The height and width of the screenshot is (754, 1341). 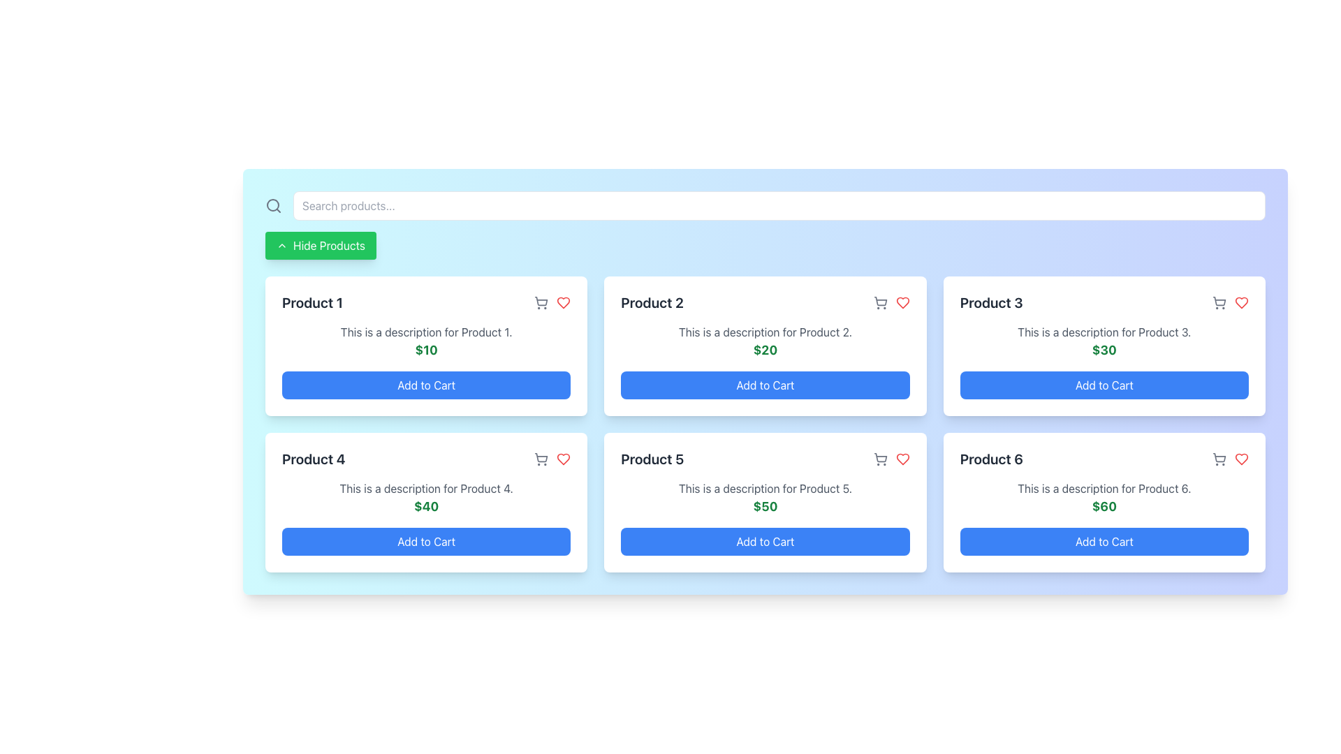 I want to click on the blue rectangular button labeled 'Add to Cart' located at the bottom of the card for 'Product 6', so click(x=1104, y=540).